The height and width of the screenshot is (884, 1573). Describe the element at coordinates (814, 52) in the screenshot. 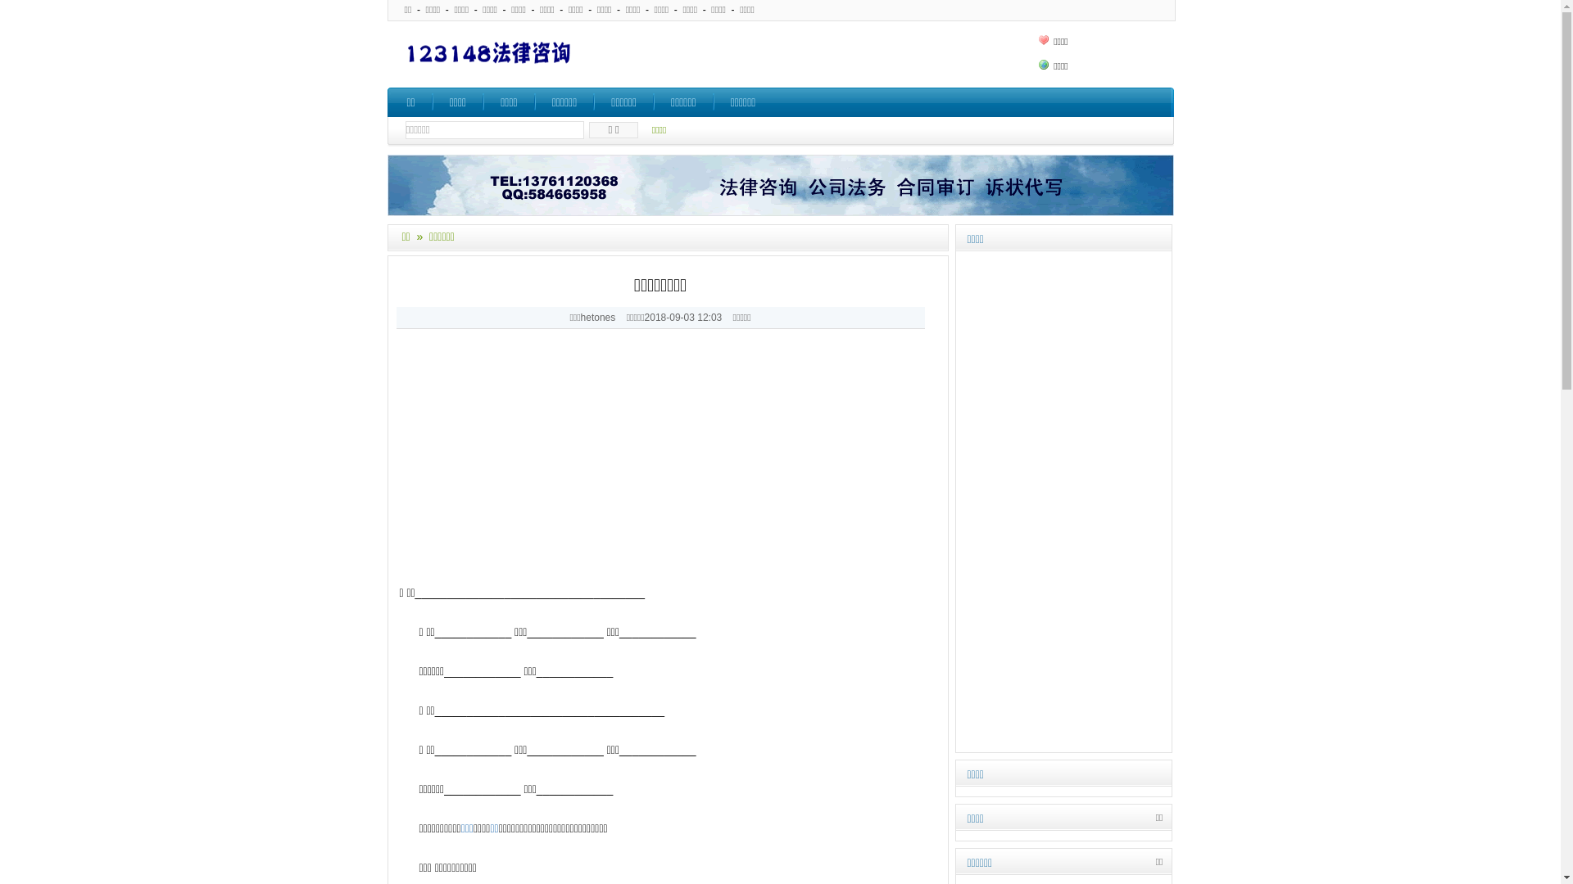

I see `'Advertisement'` at that location.